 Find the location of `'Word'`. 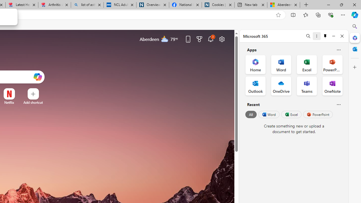

'Word' is located at coordinates (268, 114).